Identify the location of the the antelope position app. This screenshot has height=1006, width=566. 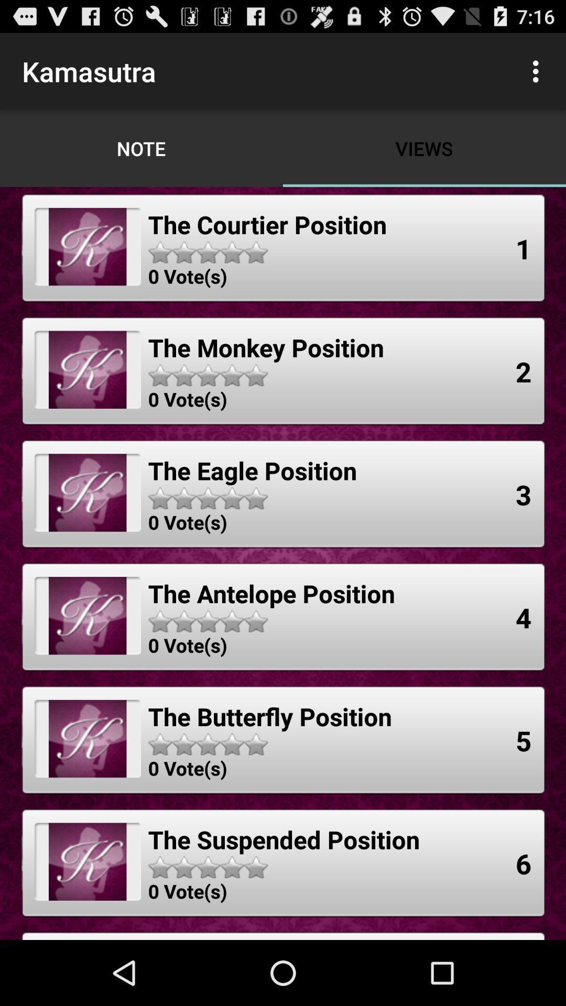
(271, 593).